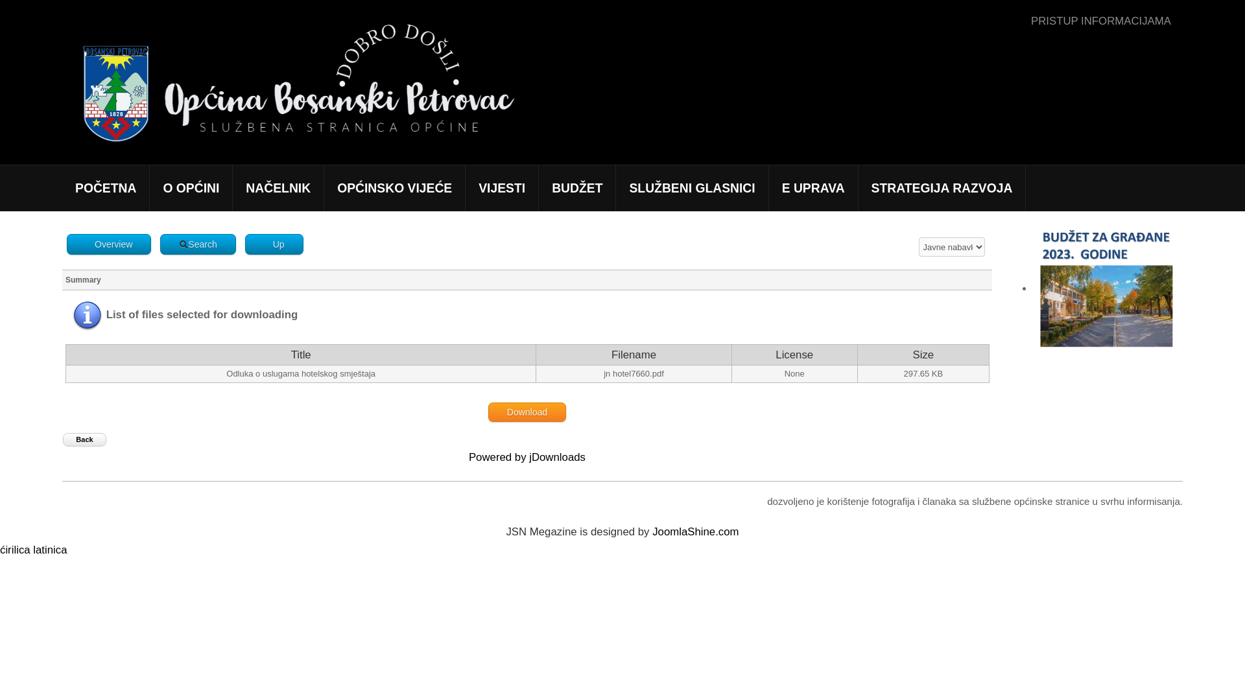  Describe the element at coordinates (527, 412) in the screenshot. I see `'Download'` at that location.